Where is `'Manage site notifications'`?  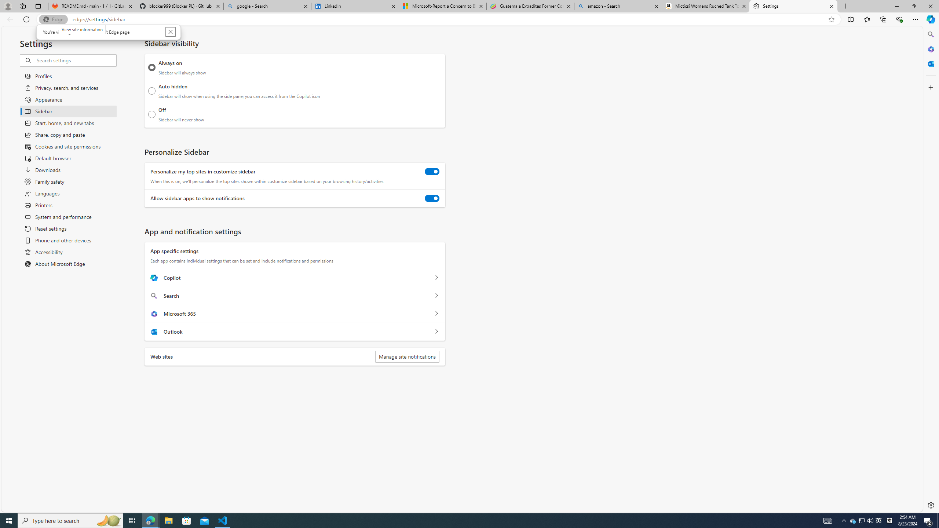 'Manage site notifications' is located at coordinates (406, 356).